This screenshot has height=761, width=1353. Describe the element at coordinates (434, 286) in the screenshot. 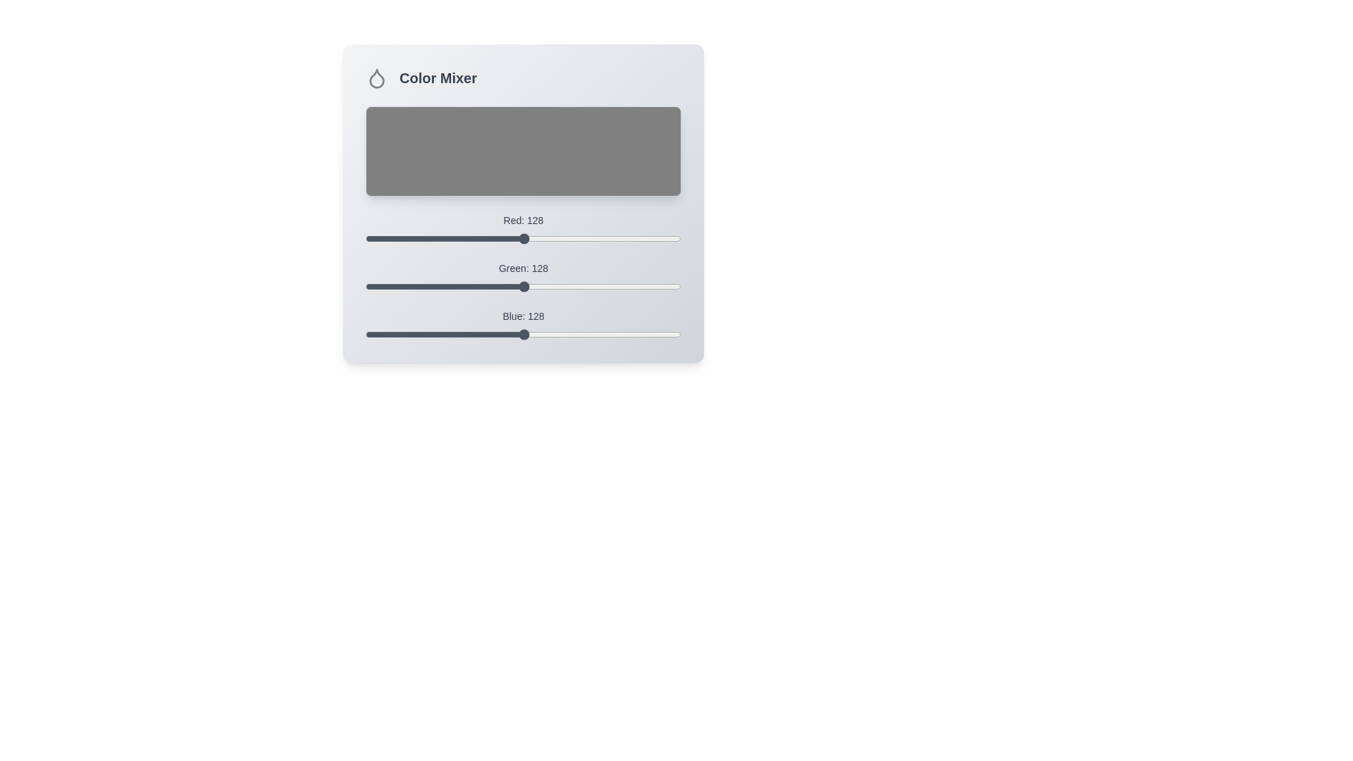

I see `the green slider to 56` at that location.